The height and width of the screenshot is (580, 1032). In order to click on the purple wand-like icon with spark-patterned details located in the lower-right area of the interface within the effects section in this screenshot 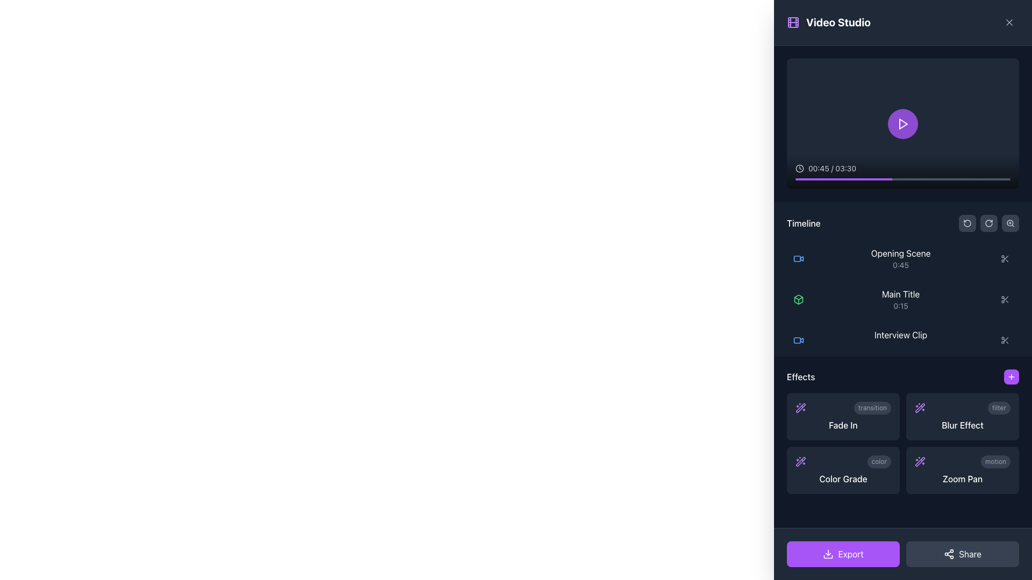, I will do `click(800, 408)`.